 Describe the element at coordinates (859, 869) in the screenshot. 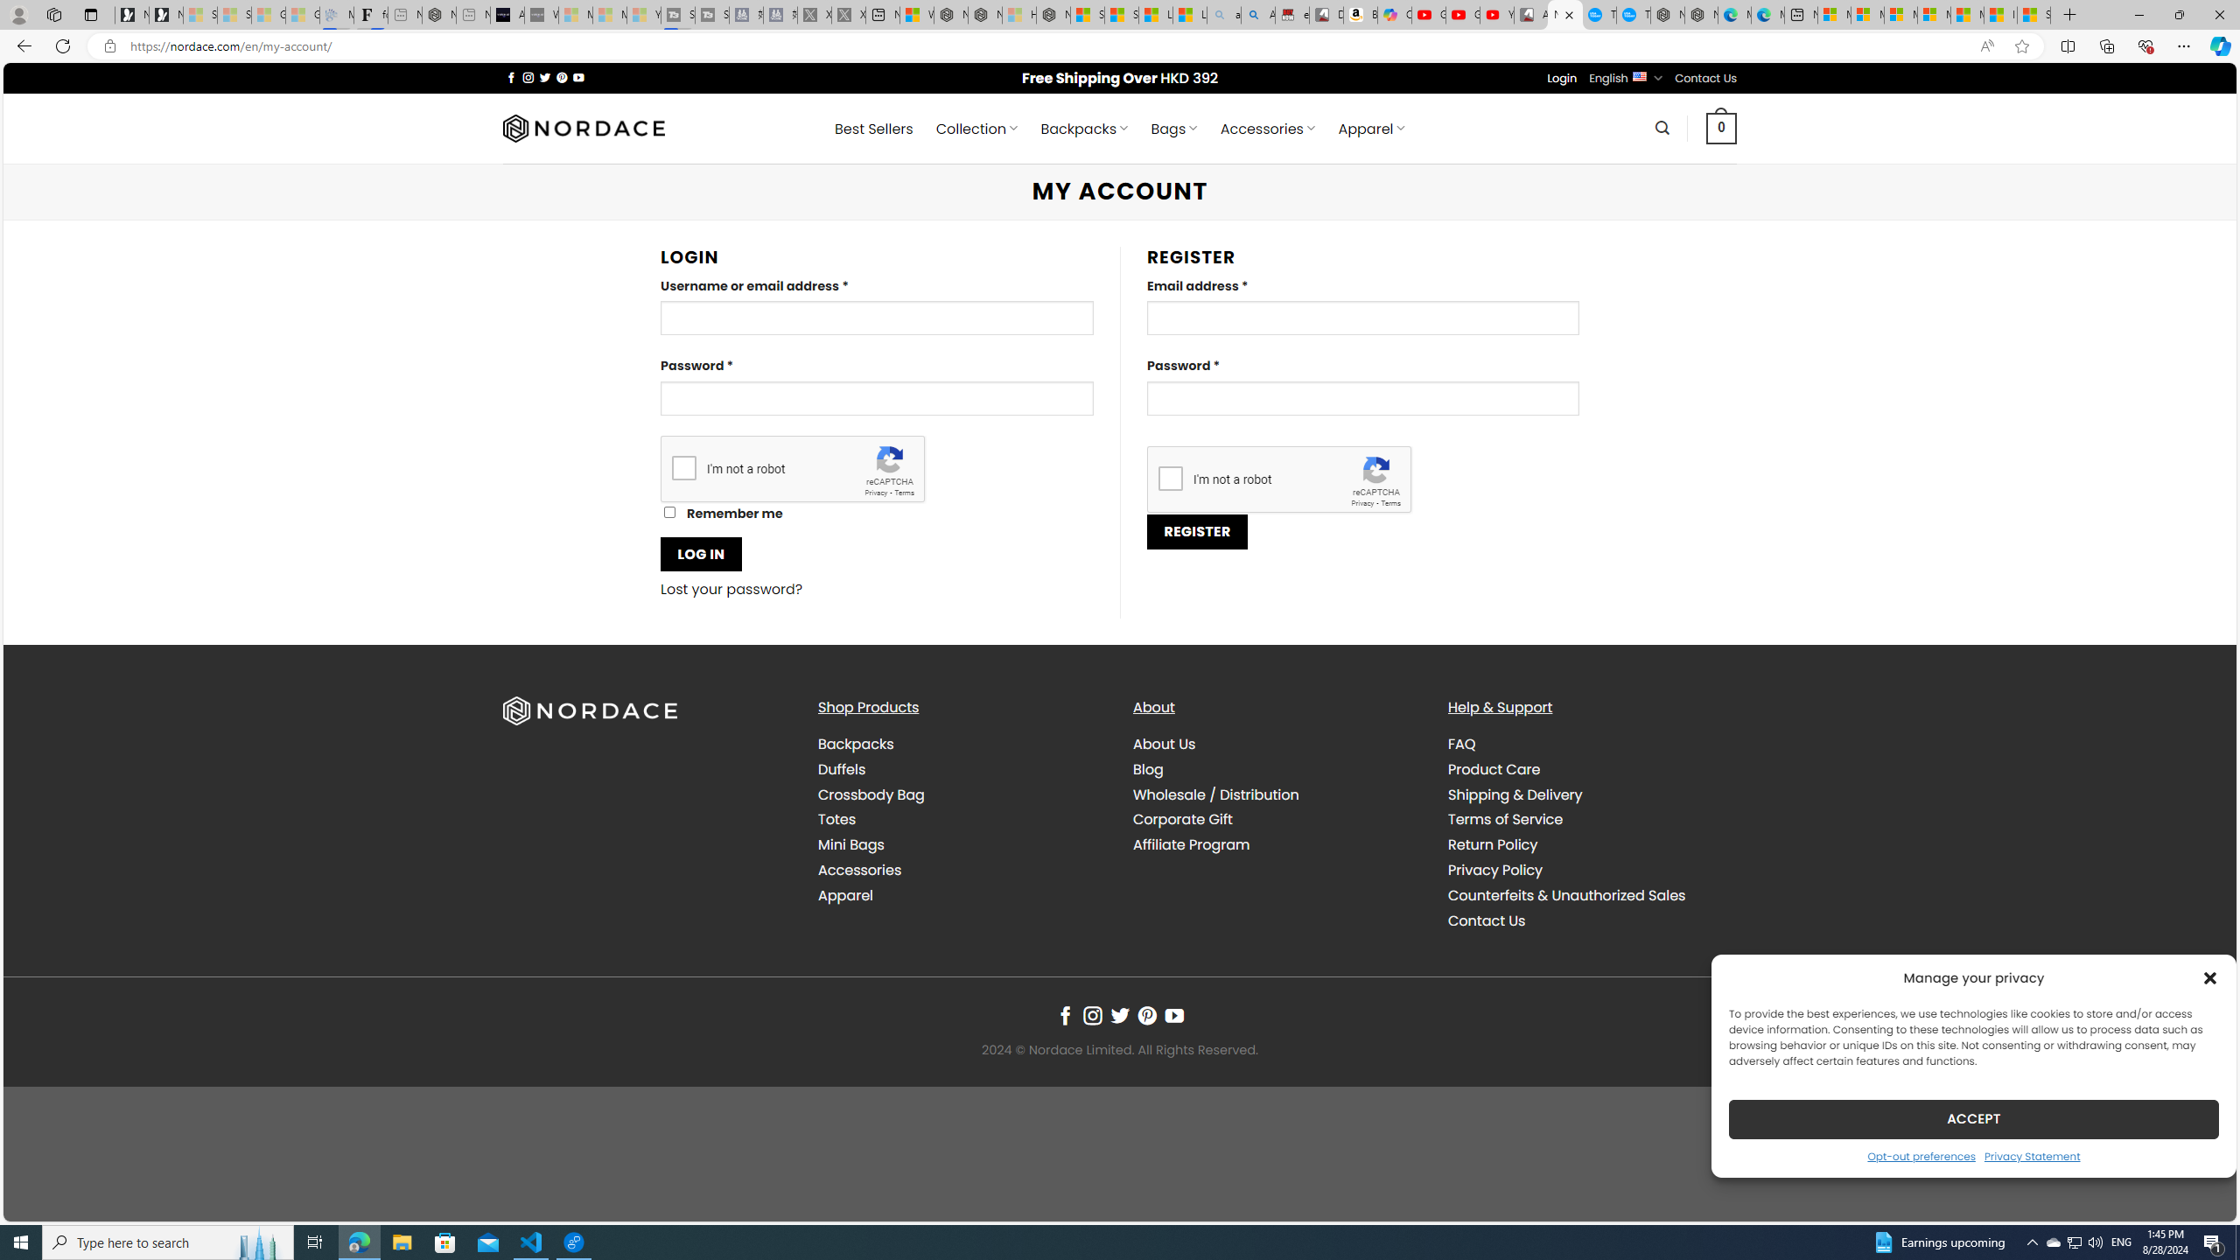

I see `'Accessories'` at that location.